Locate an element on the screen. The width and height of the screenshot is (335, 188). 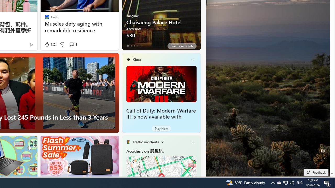
'tab-3' is located at coordinates (137, 46).